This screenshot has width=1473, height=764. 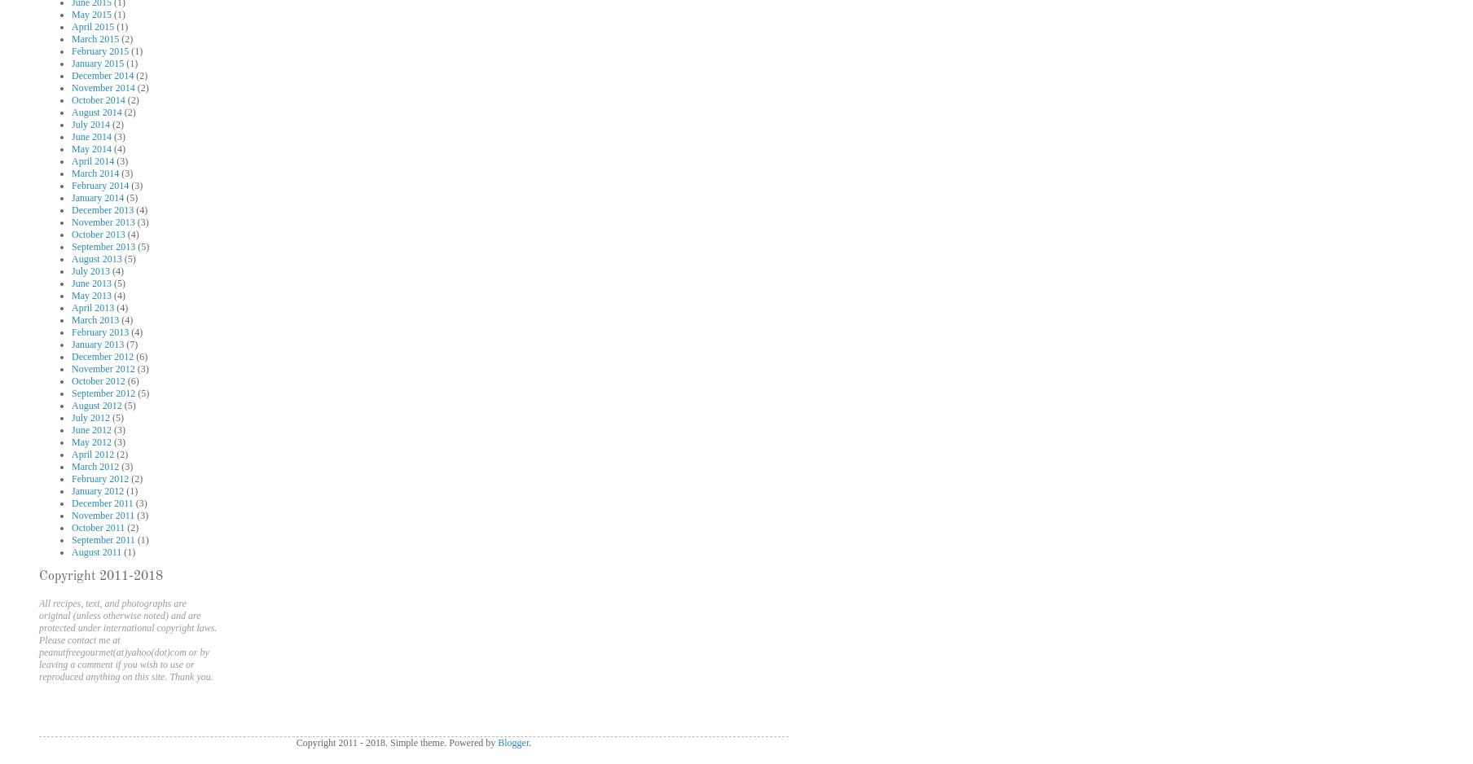 I want to click on 'January 2012', so click(x=97, y=491).